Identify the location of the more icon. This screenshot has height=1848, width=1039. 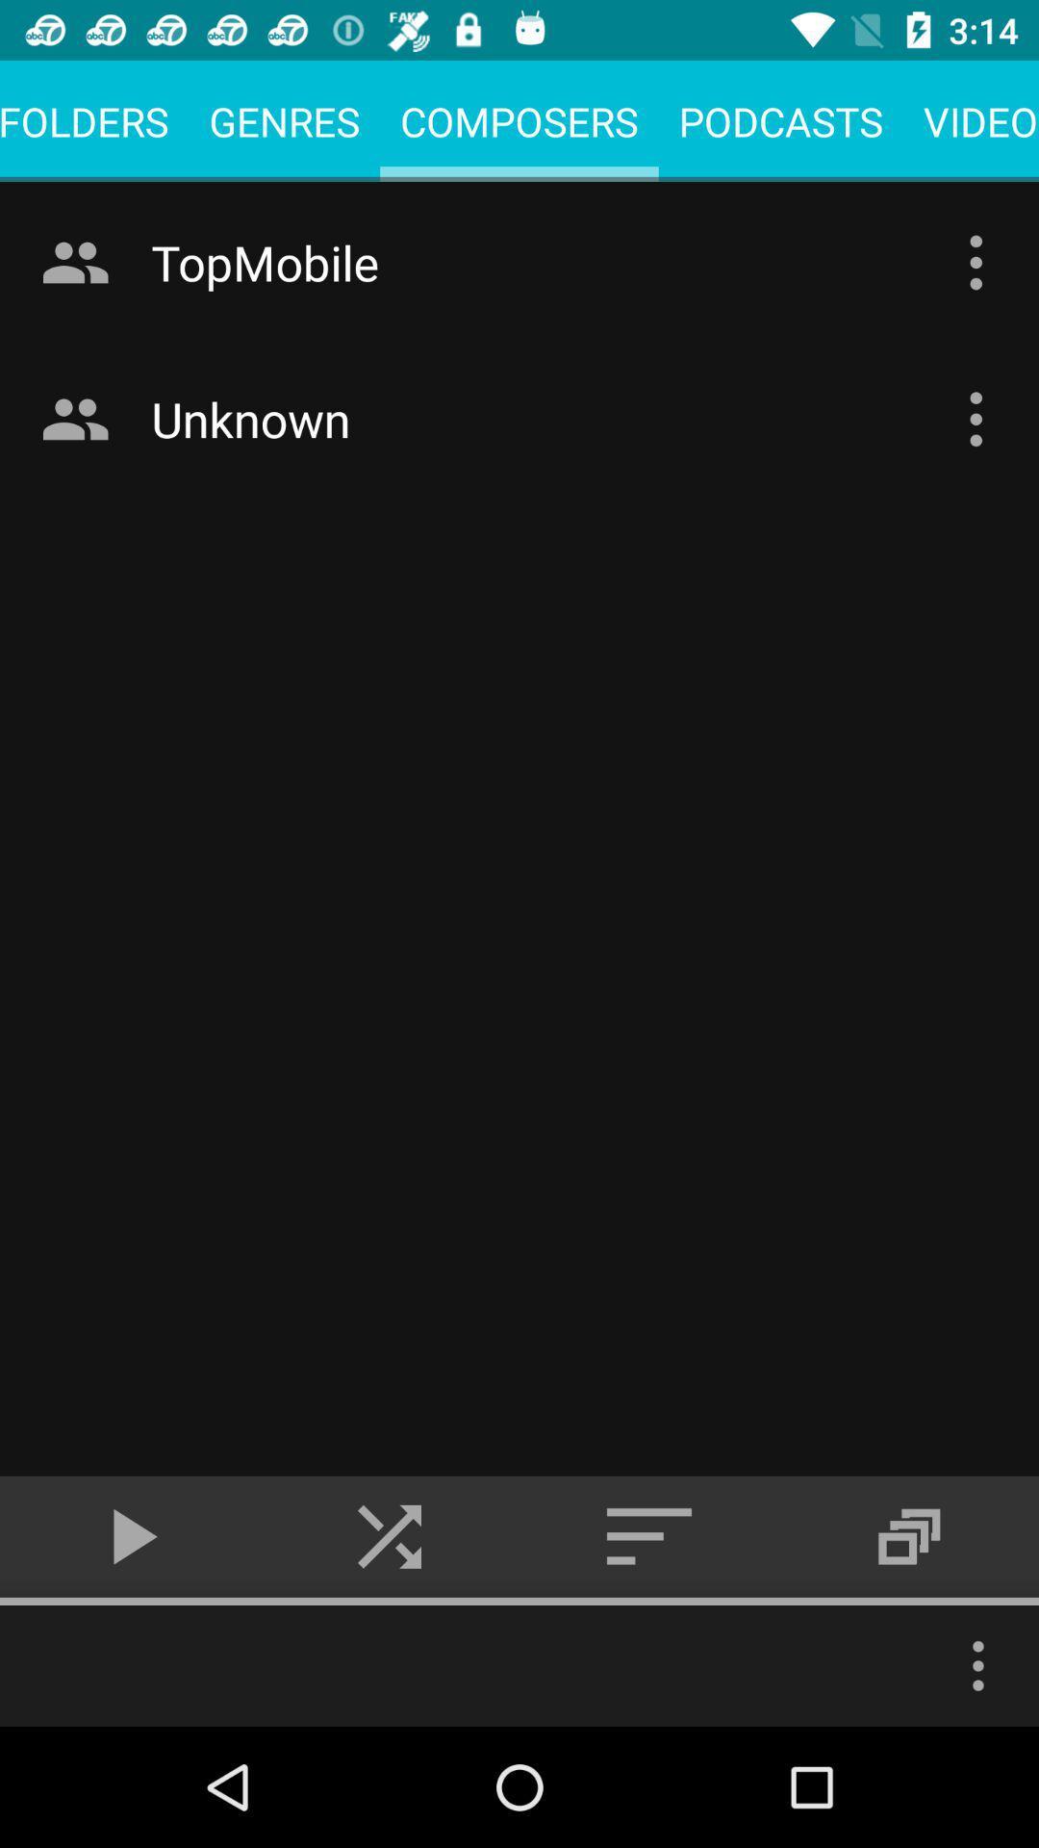
(978, 1665).